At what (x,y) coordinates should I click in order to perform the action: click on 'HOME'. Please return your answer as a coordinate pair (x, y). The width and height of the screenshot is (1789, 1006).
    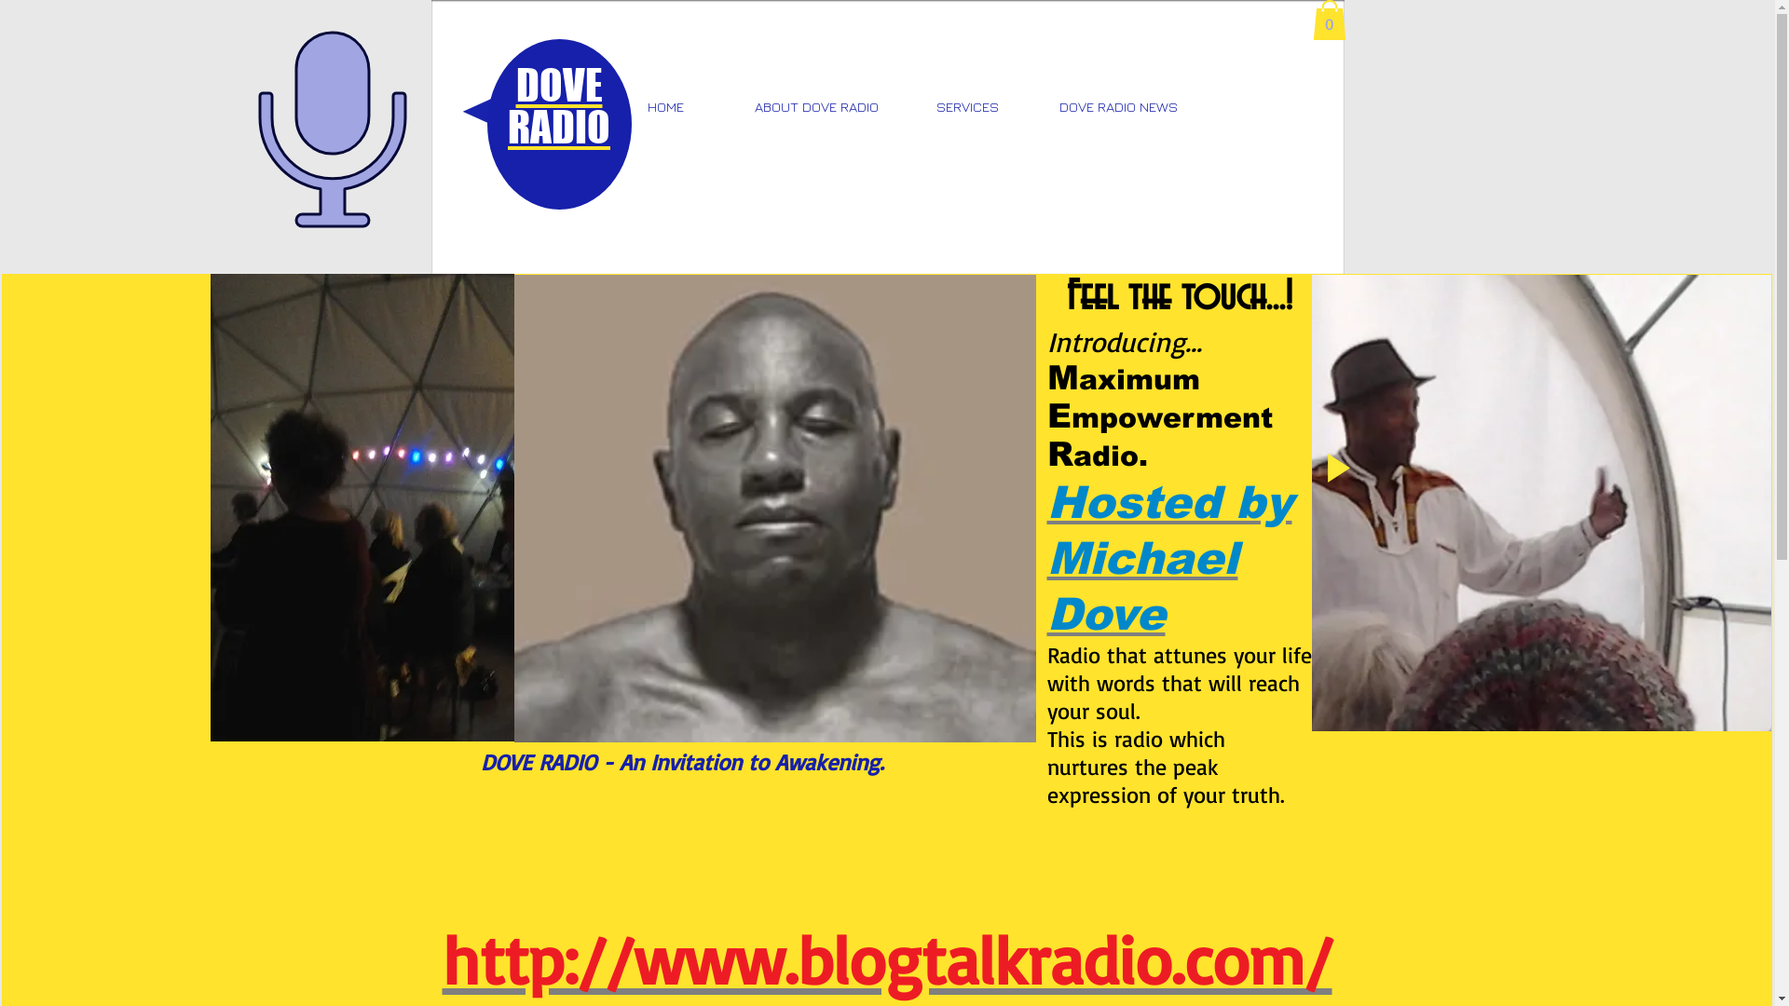
    Looking at the image, I should click on (589, 107).